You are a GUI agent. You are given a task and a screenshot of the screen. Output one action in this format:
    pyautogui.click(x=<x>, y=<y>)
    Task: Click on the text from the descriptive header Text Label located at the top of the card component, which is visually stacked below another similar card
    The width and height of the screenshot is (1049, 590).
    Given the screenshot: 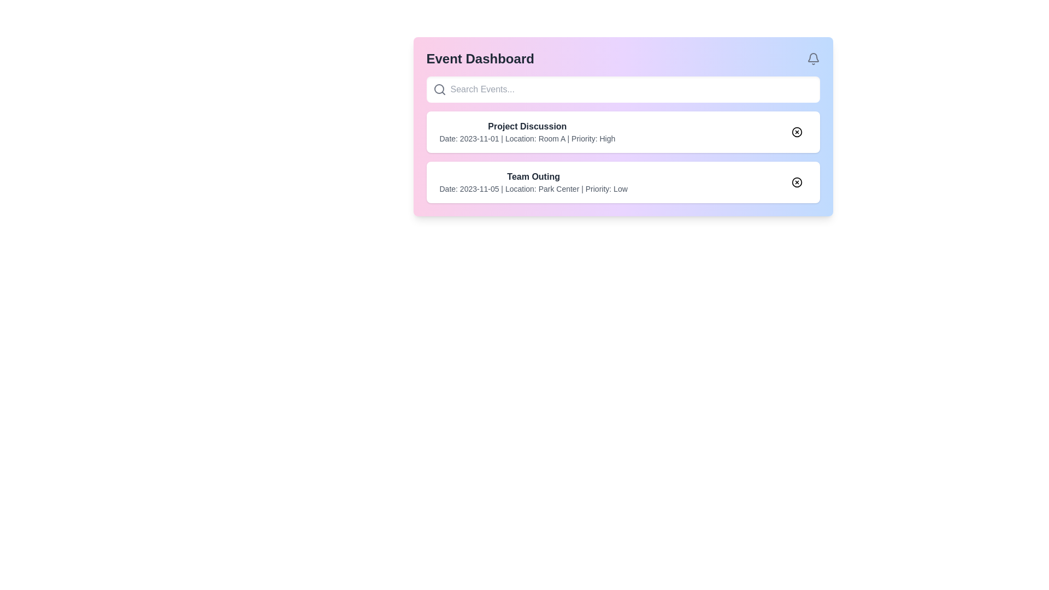 What is the action you would take?
    pyautogui.click(x=533, y=176)
    